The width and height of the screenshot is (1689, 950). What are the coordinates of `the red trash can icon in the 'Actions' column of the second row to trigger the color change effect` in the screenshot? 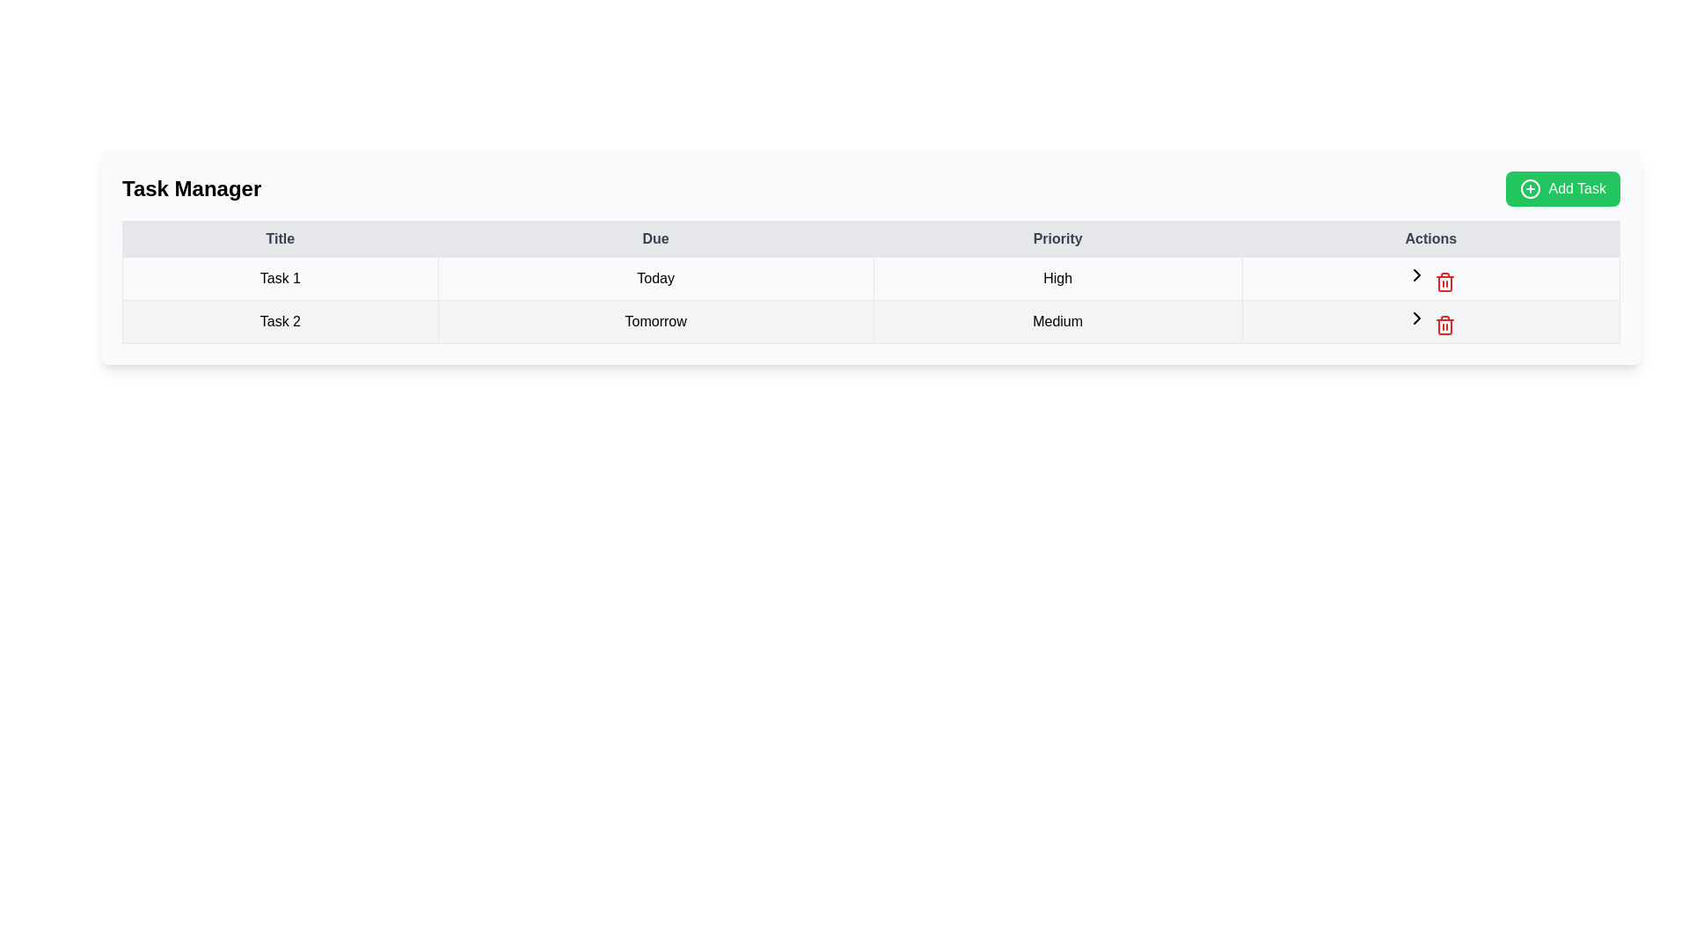 It's located at (1444, 325).